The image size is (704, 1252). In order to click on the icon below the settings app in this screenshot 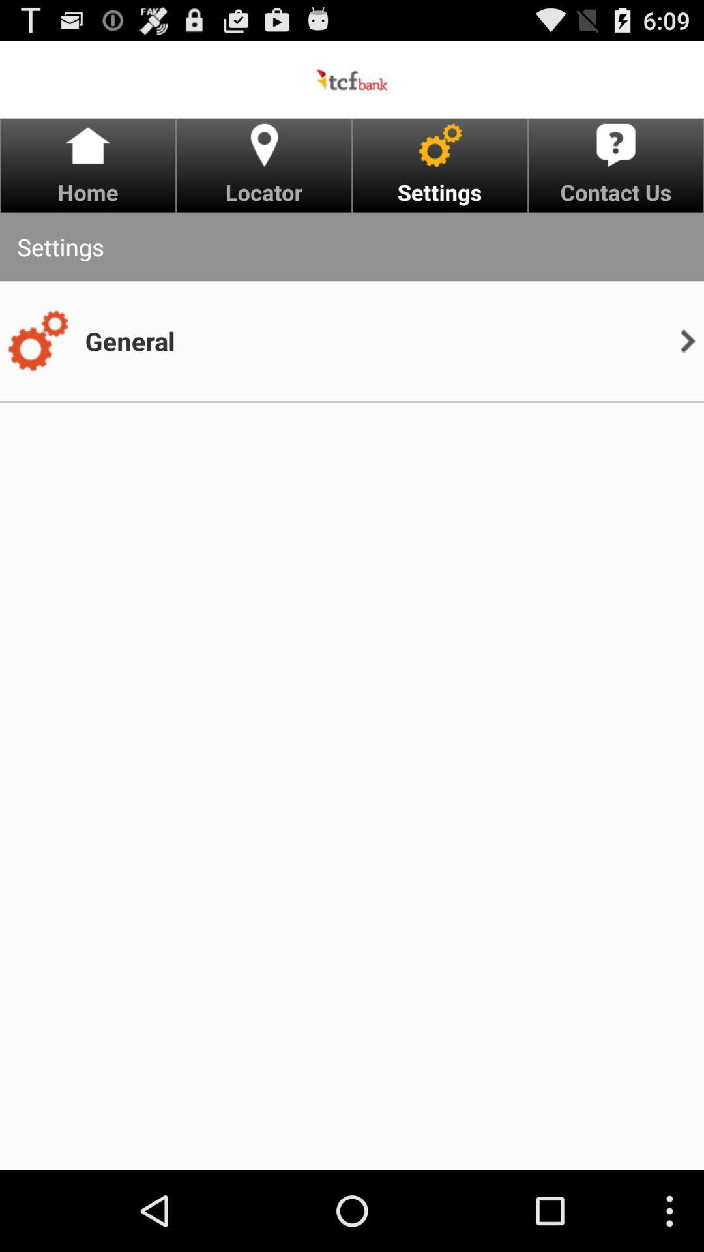, I will do `click(37, 341)`.